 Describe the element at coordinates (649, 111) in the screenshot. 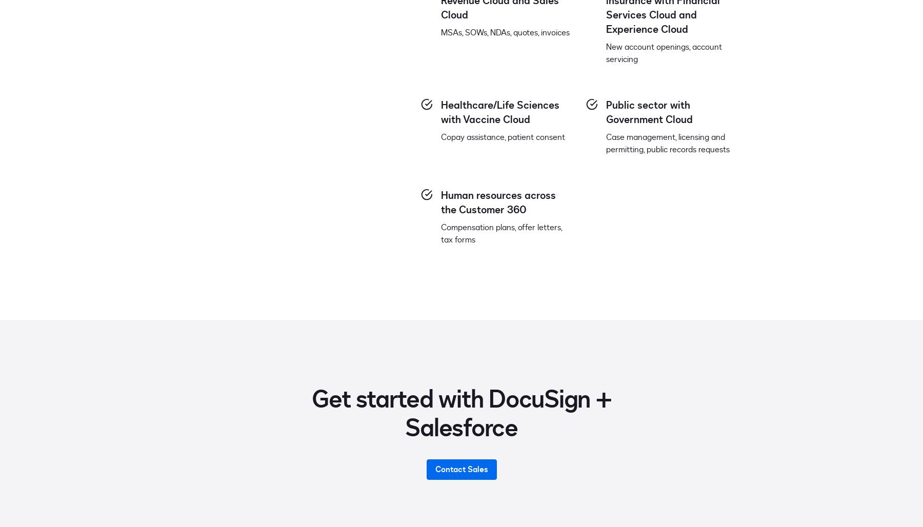

I see `'Public sector with Government Cloud'` at that location.